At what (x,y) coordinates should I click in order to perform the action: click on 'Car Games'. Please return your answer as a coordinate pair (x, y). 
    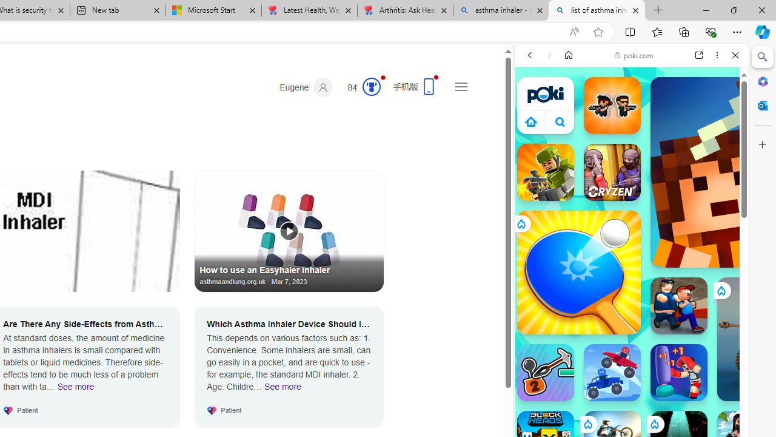
    Looking at the image, I should click on (631, 285).